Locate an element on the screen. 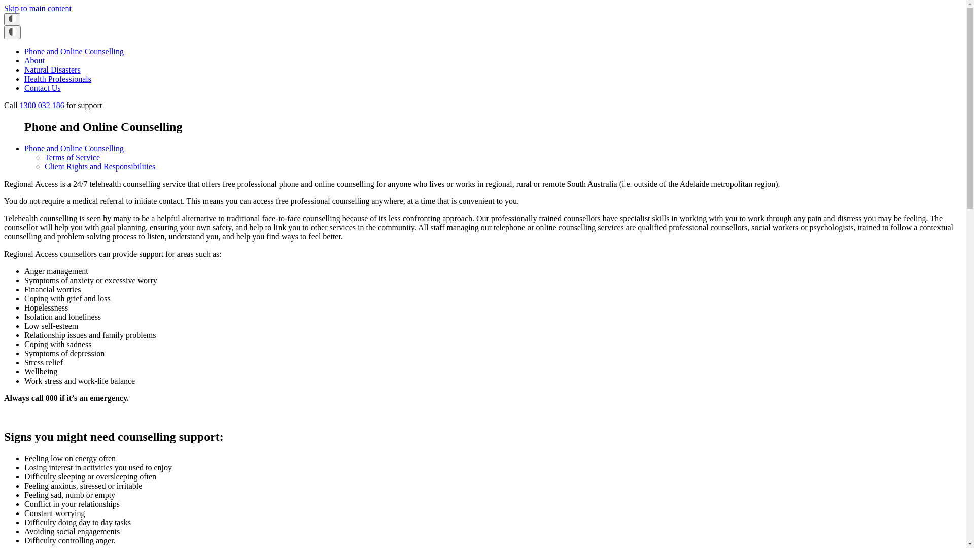  'Phone and Online Counselling' is located at coordinates (73, 51).